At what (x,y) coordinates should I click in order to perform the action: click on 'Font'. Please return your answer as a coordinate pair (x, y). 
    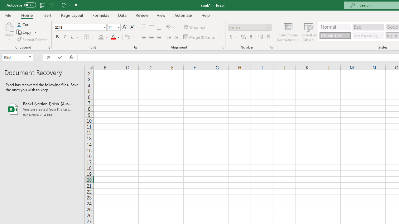
    Looking at the image, I should click on (80, 27).